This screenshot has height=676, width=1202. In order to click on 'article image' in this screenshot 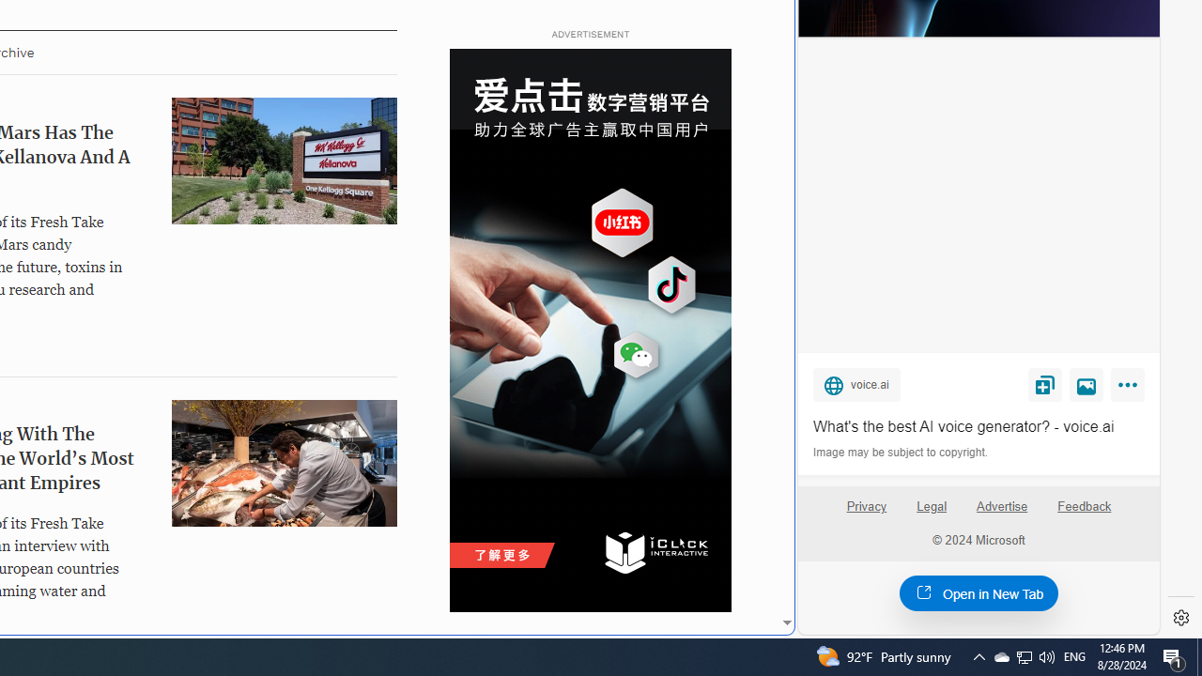, I will do `click(283, 462)`.